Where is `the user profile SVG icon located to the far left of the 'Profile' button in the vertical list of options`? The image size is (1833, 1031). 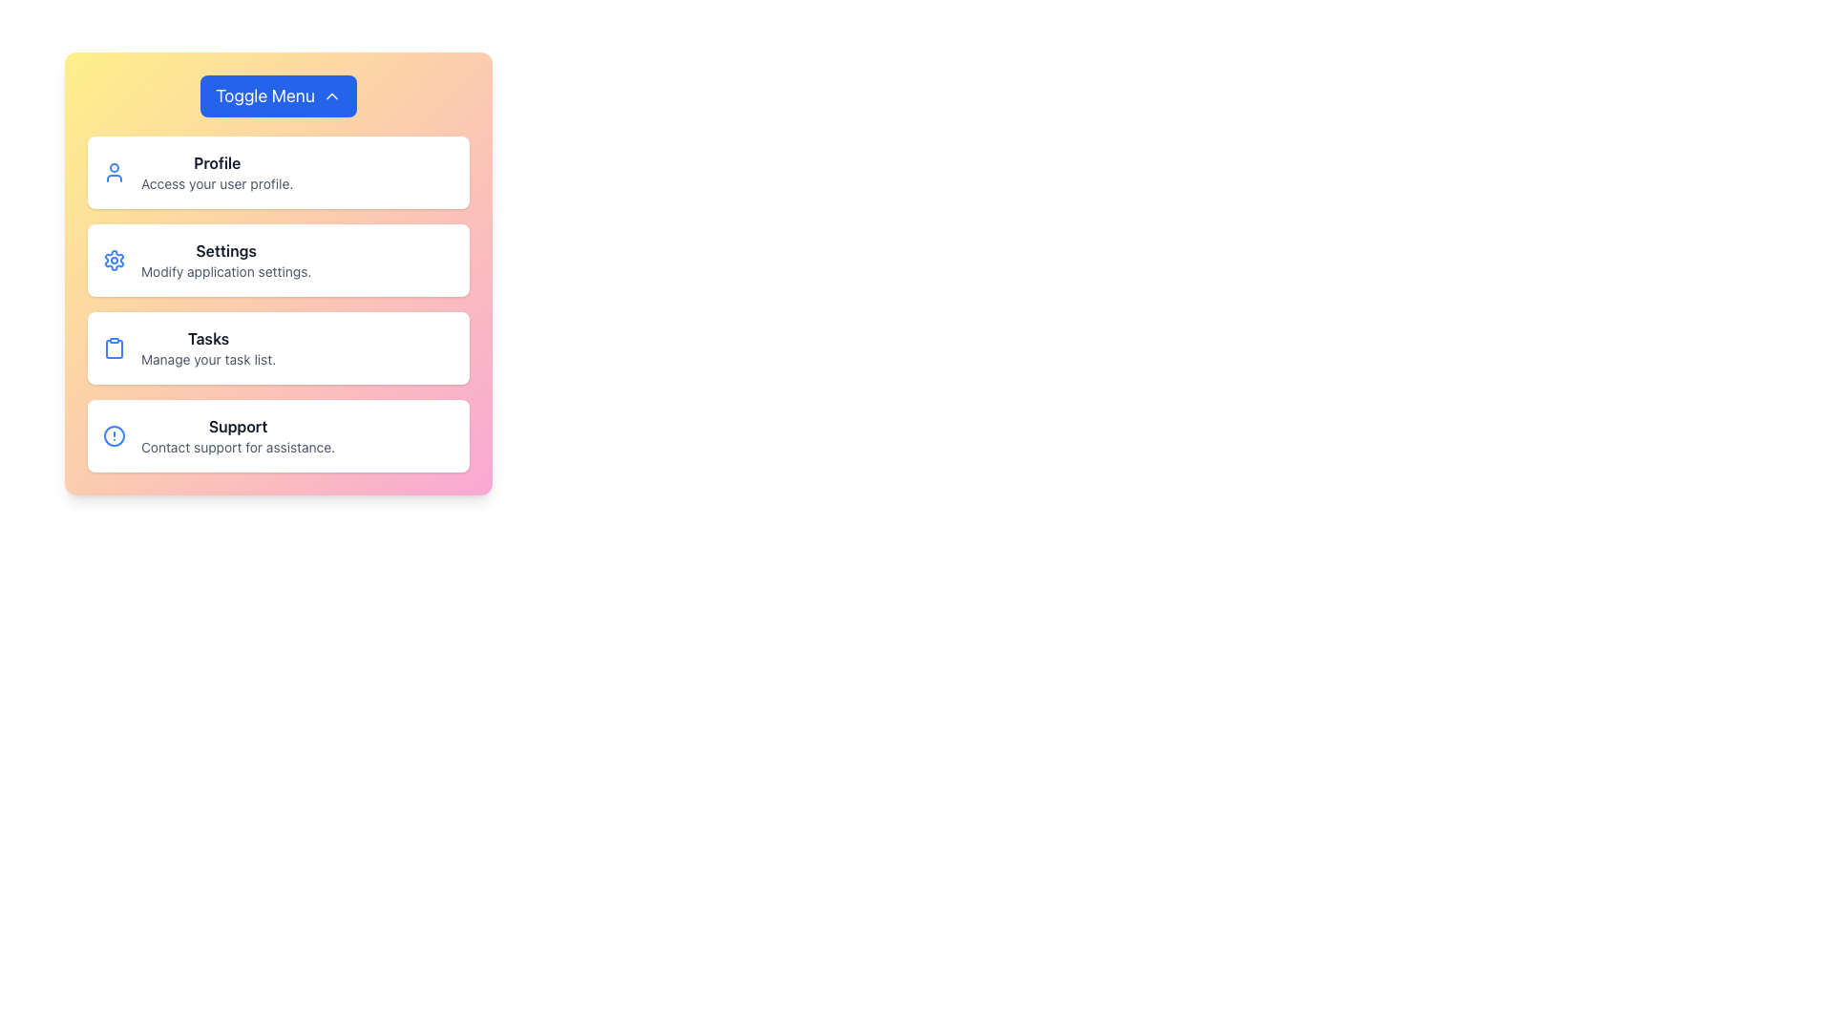
the user profile SVG icon located to the far left of the 'Profile' button in the vertical list of options is located at coordinates (114, 173).